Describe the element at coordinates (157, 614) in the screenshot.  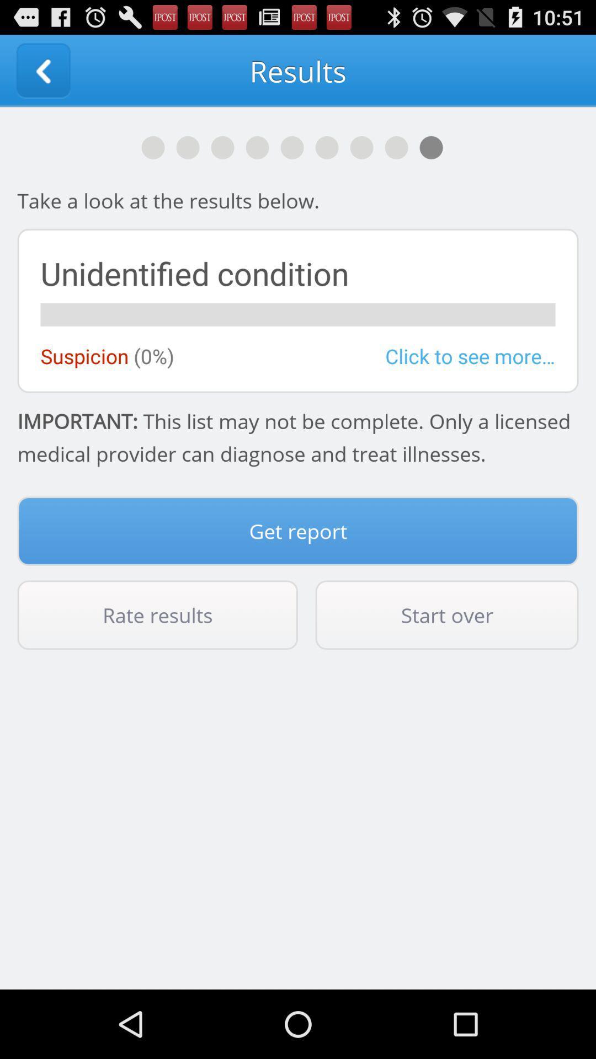
I see `the button to the left of the start over item` at that location.